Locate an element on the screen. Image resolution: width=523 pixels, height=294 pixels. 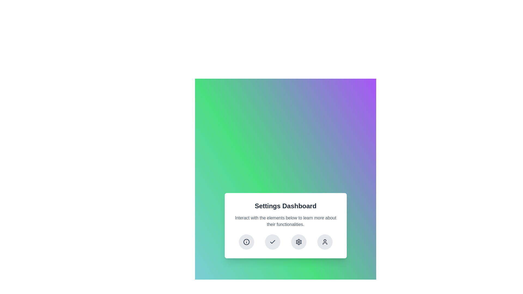
the settings button represented by a cogwheel icon is located at coordinates (298, 241).